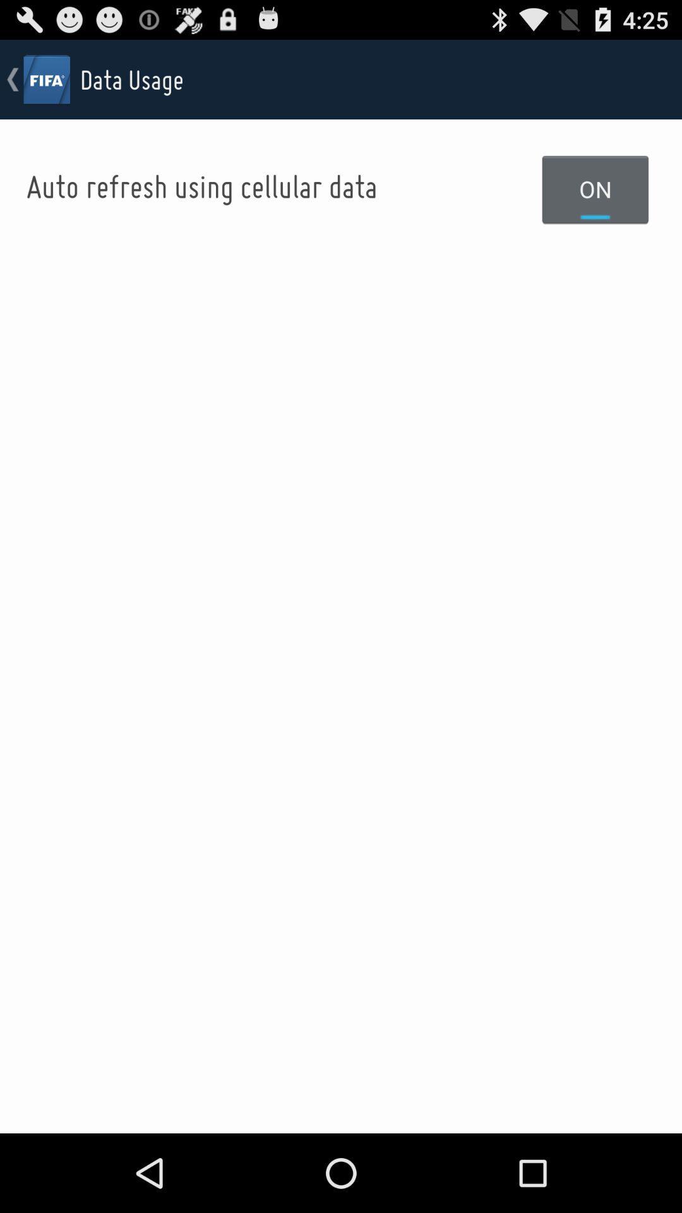 The height and width of the screenshot is (1213, 682). I want to click on the icon next to the auto refresh using item, so click(595, 188).